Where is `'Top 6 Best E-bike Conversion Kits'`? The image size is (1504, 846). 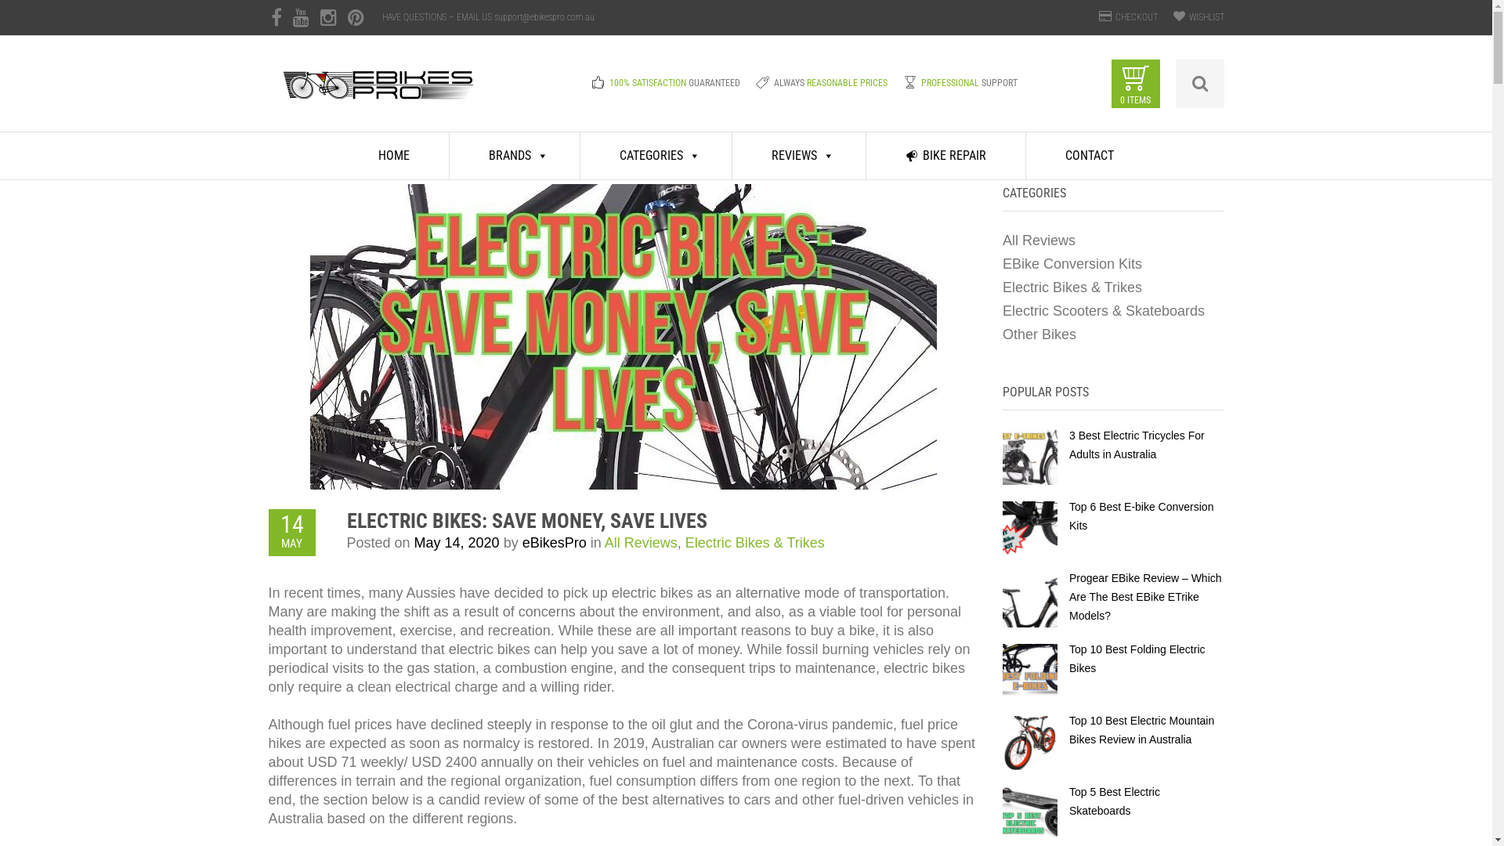
'Top 6 Best E-bike Conversion Kits' is located at coordinates (1141, 516).